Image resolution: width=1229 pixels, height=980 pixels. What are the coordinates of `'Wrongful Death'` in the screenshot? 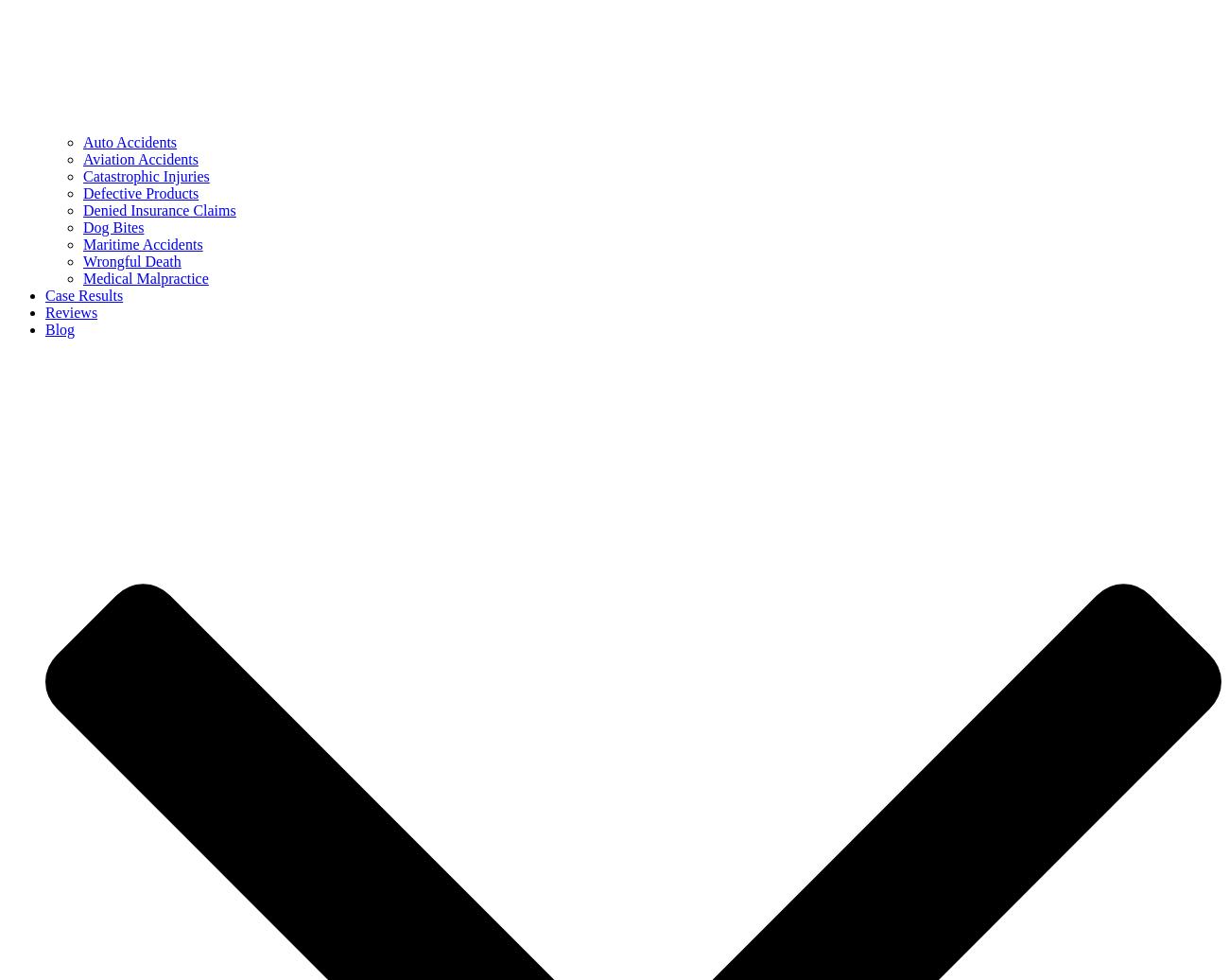 It's located at (130, 261).